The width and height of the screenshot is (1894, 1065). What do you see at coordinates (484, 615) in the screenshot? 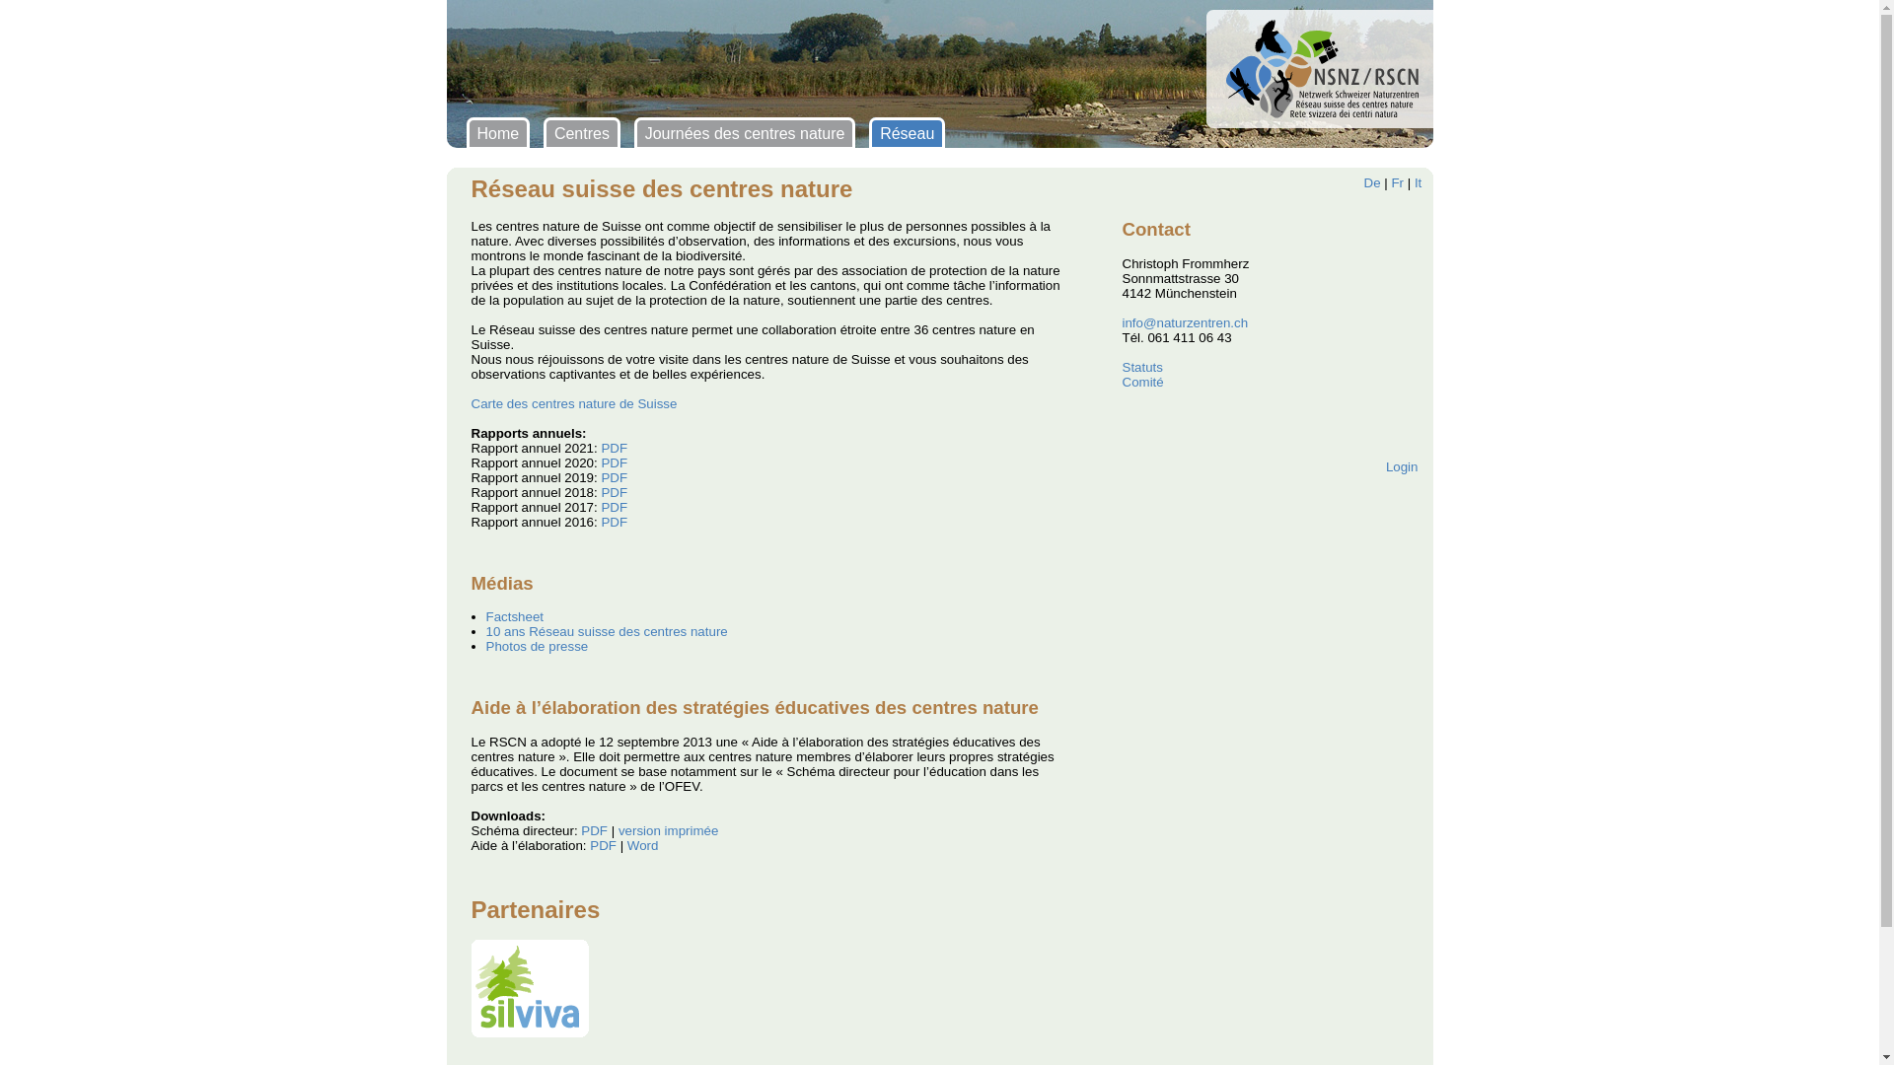
I see `'Factsheet'` at bounding box center [484, 615].